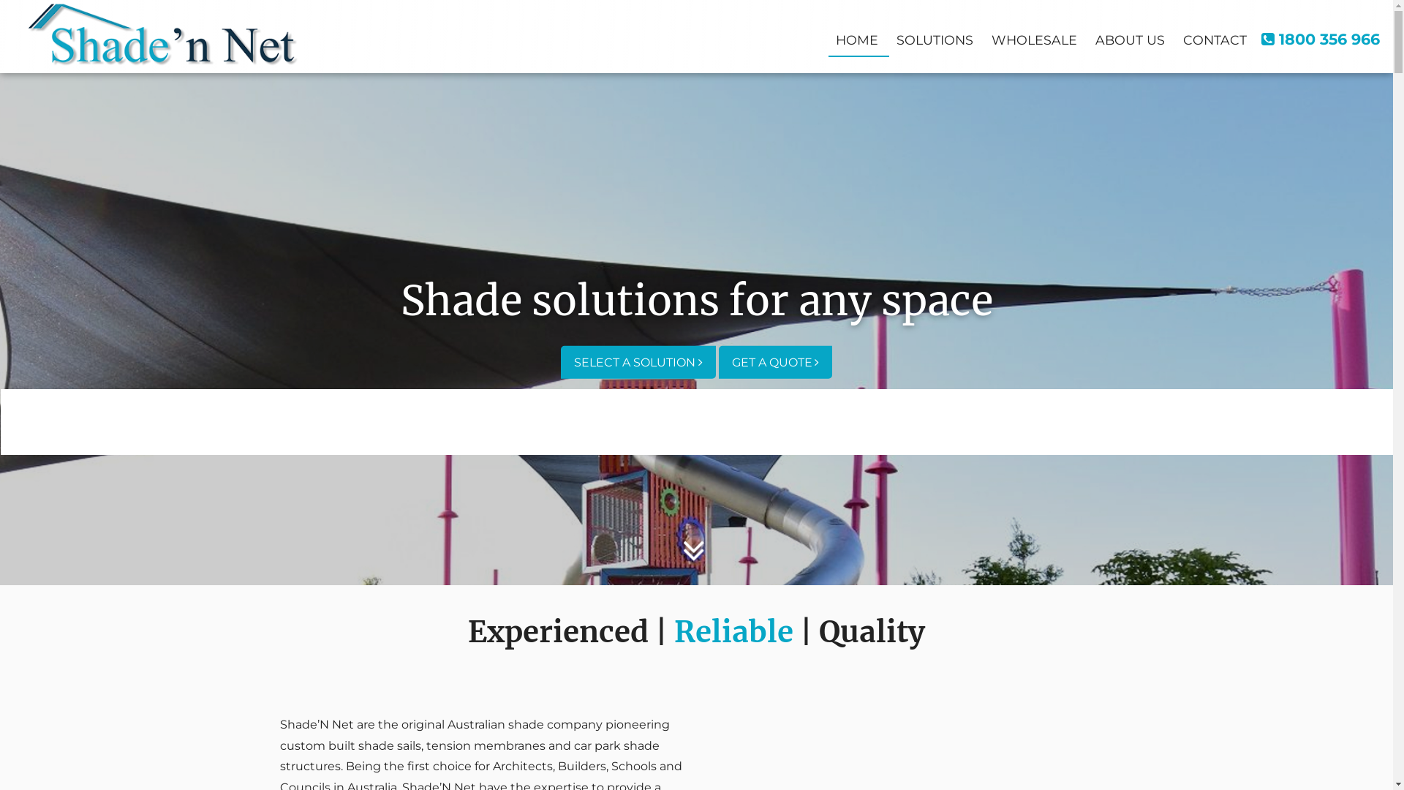  What do you see at coordinates (162, 33) in the screenshot?
I see `'Shade N Net'` at bounding box center [162, 33].